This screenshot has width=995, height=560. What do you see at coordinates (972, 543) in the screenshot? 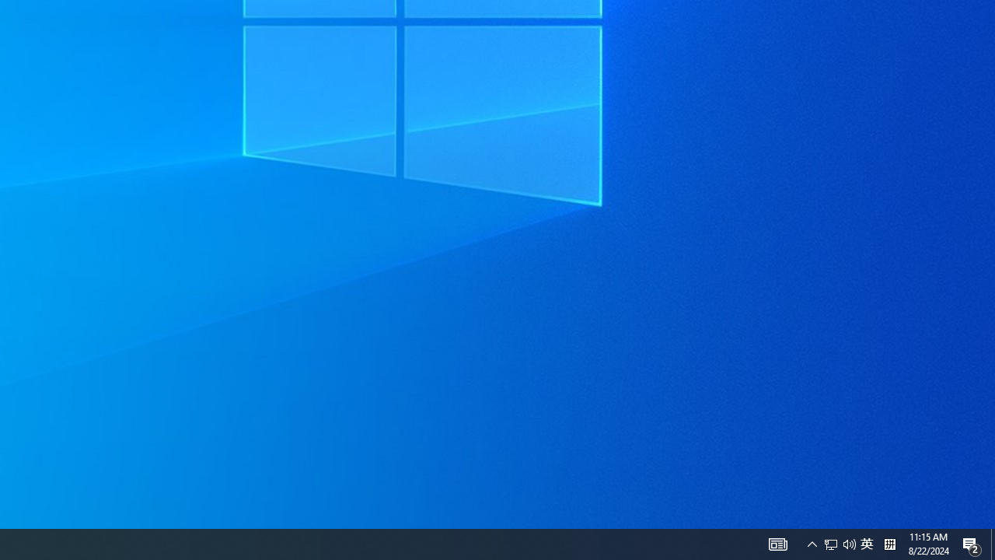
I see `'Action Center, 2 new notifications'` at bounding box center [972, 543].